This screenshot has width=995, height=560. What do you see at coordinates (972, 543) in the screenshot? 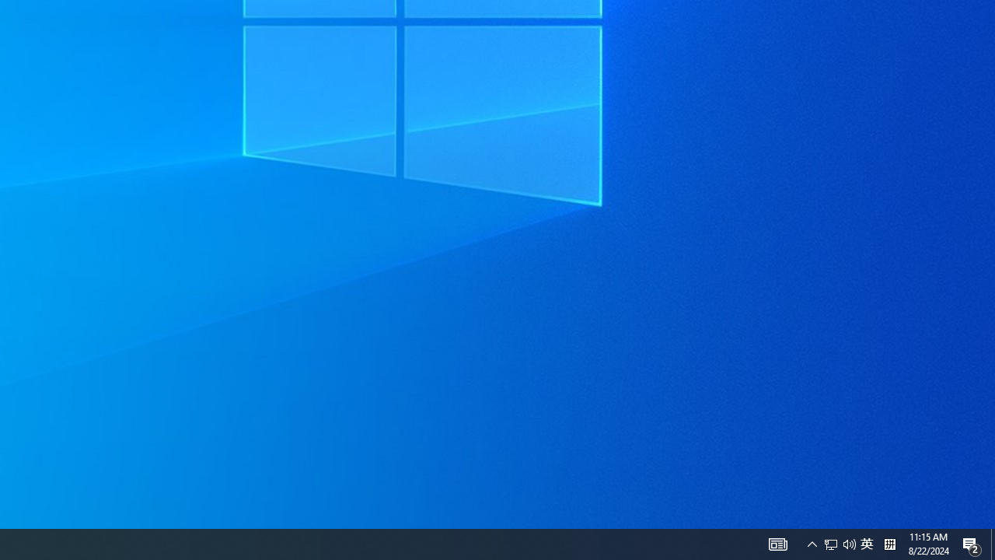
I see `'Action Center, 2 new notifications'` at bounding box center [972, 543].